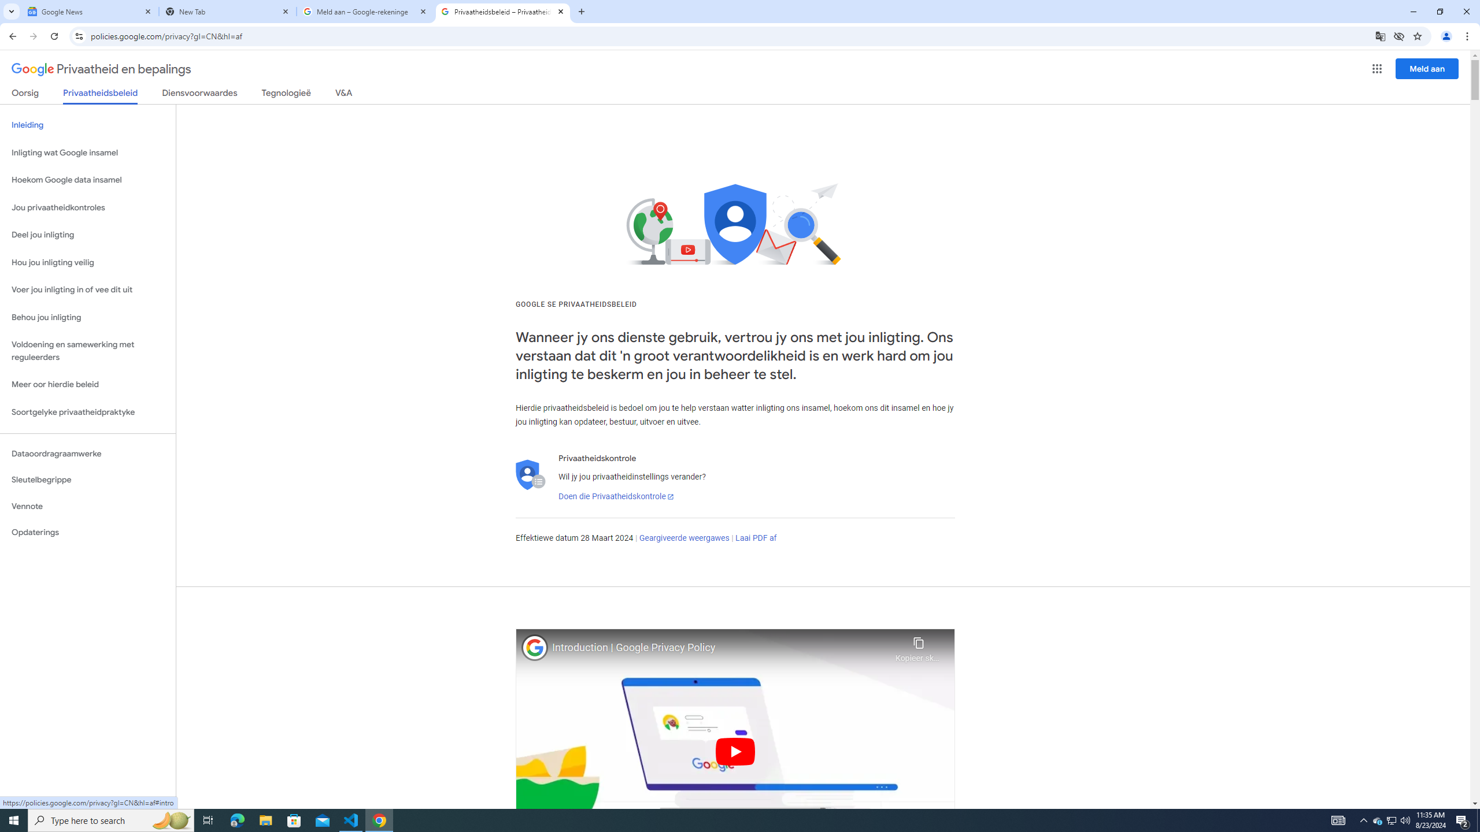 Image resolution: width=1480 pixels, height=832 pixels. I want to click on 'Soortgelyke privaatheidpraktyke', so click(87, 411).